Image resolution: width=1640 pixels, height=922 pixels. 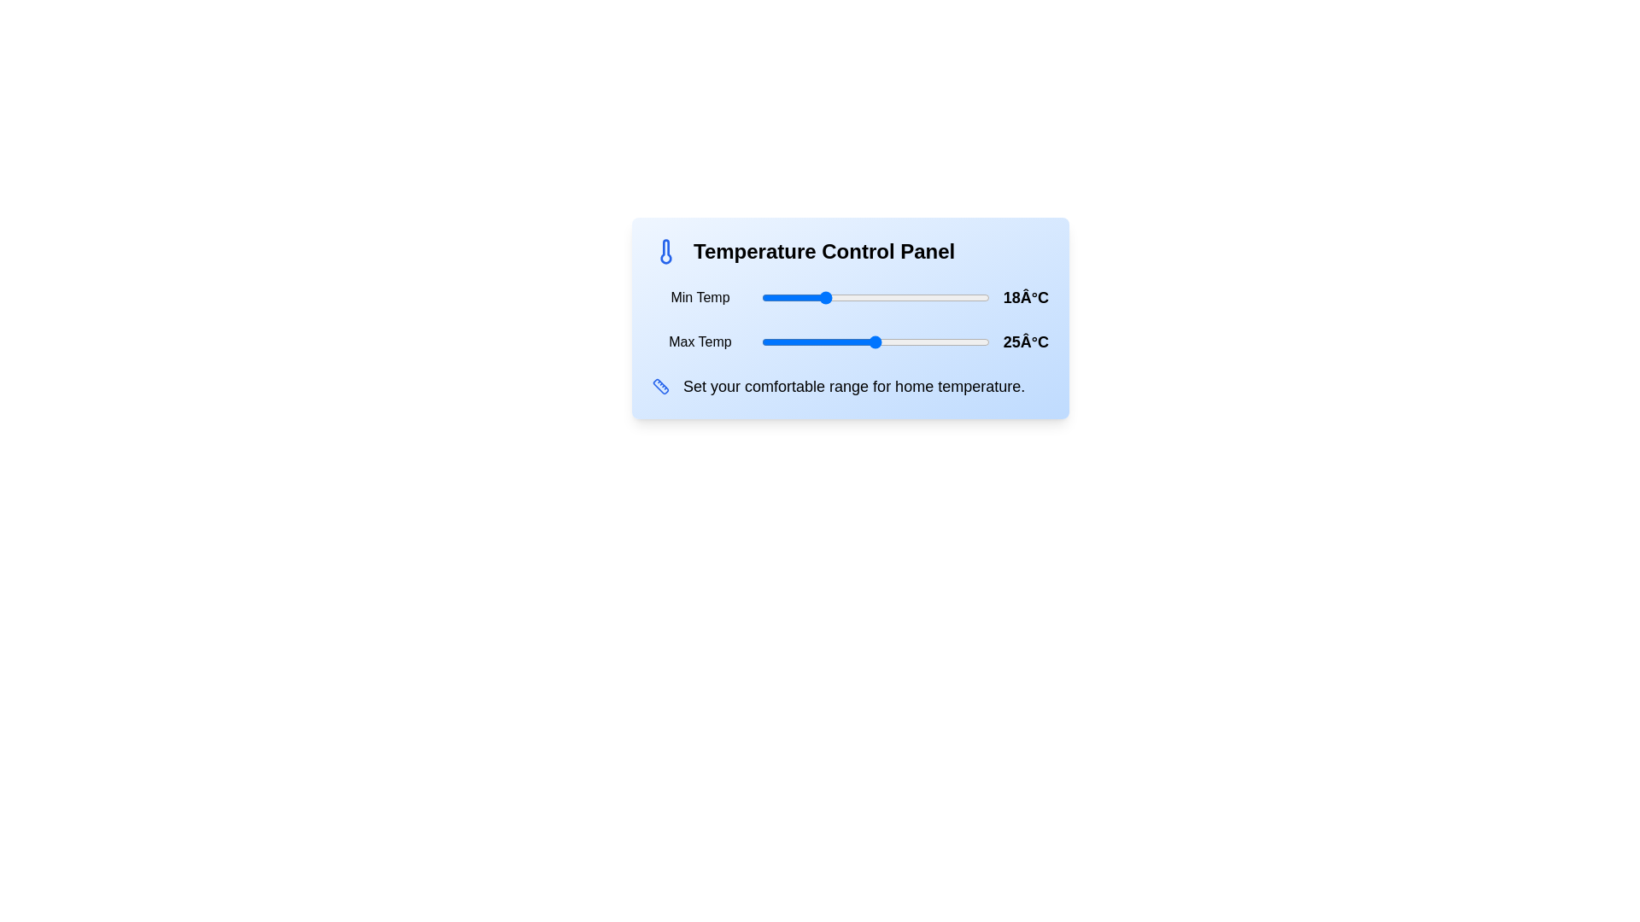 I want to click on the temperature slider to set the temperature to 26°C, so click(x=883, y=342).